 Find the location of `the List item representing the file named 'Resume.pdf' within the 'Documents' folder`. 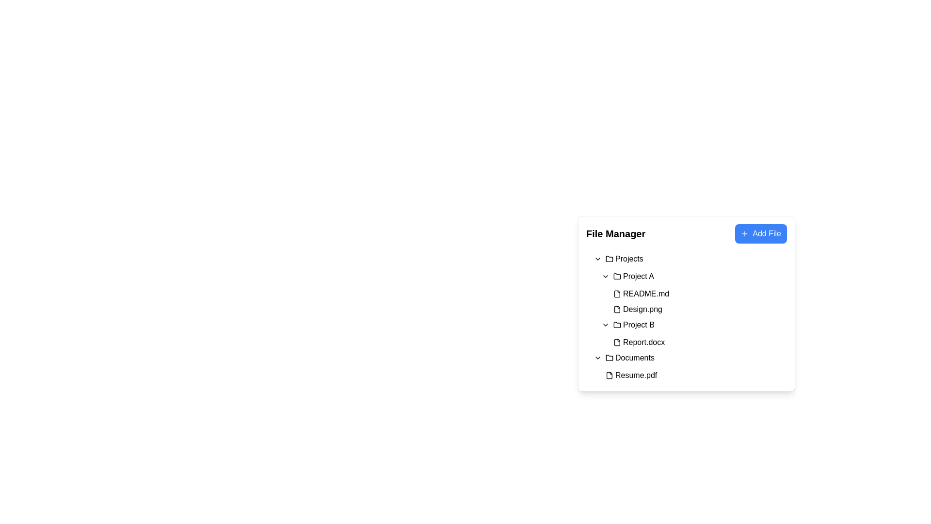

the List item representing the file named 'Resume.pdf' within the 'Documents' folder is located at coordinates (690, 375).